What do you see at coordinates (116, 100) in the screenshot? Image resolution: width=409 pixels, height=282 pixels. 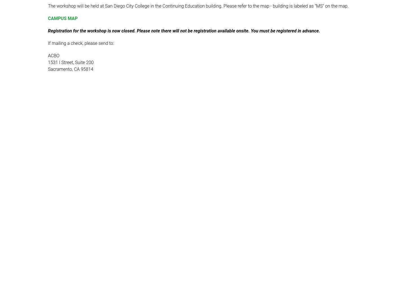 I see `'communications@acbo.org'` at bounding box center [116, 100].